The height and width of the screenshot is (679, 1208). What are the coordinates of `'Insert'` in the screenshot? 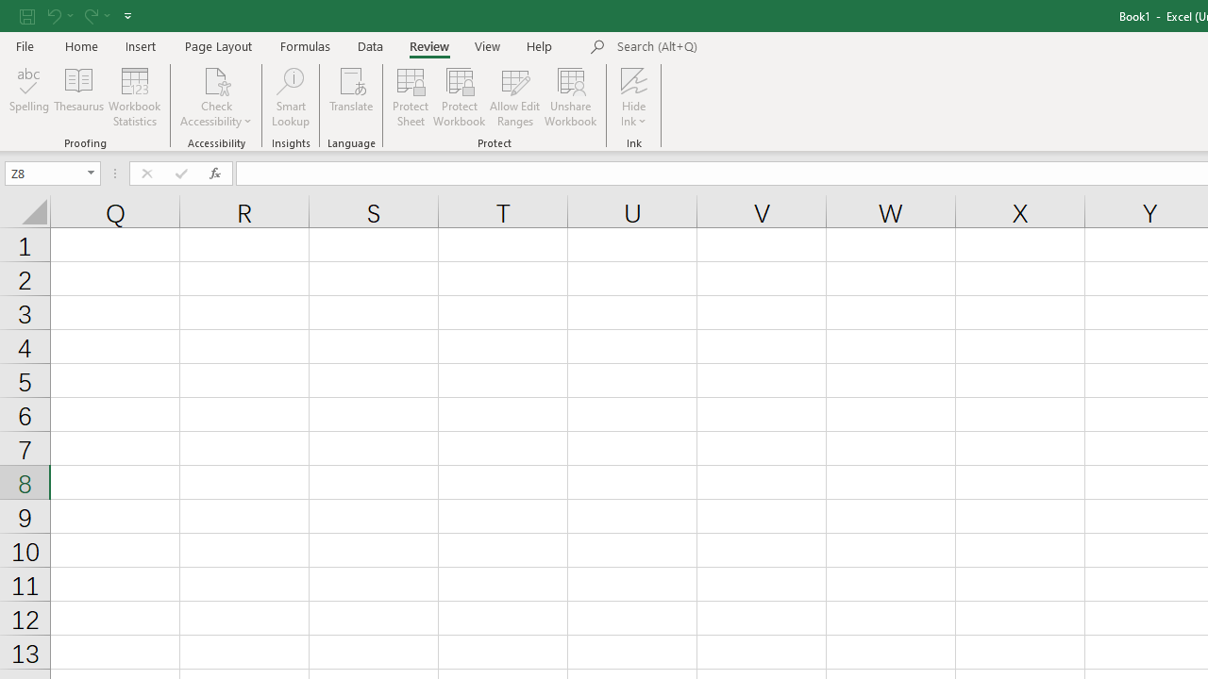 It's located at (140, 45).